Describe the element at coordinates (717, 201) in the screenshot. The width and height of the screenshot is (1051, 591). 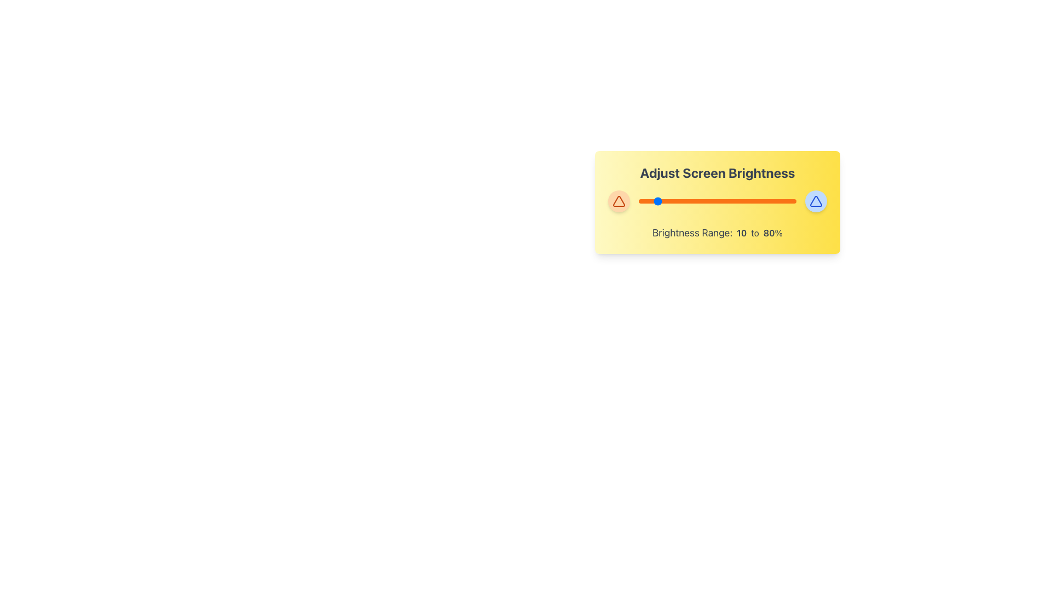
I see `the brightness level` at that location.